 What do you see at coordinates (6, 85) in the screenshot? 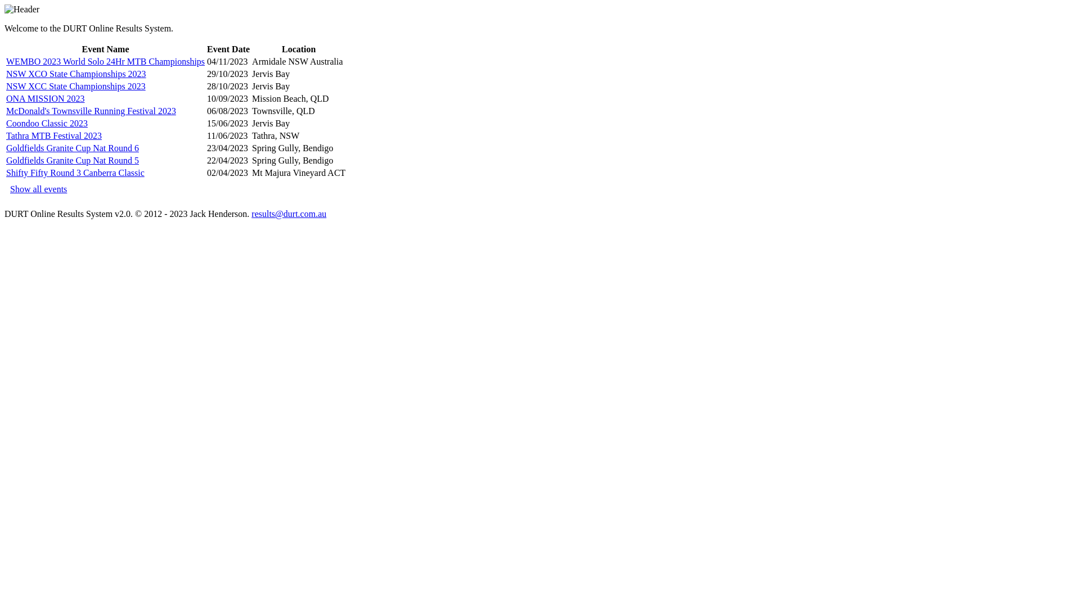
I see `'NSW XCC State Championships 2023'` at bounding box center [6, 85].